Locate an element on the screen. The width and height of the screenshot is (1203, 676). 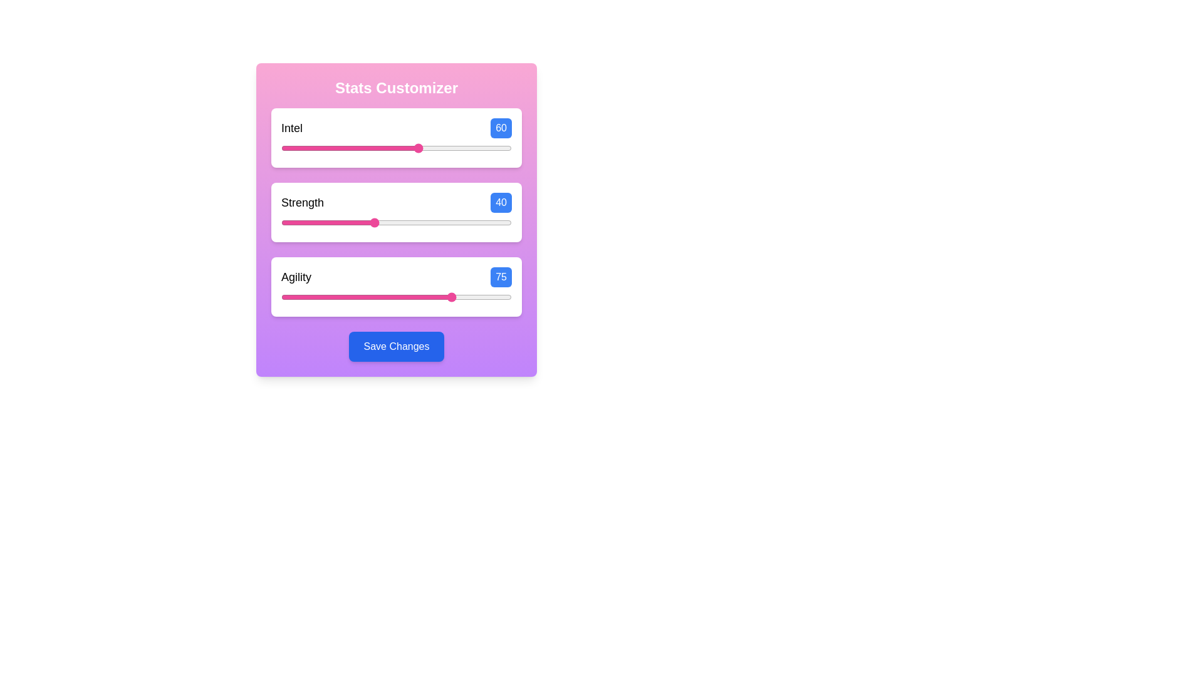
the intelligence attribute is located at coordinates (483, 147).